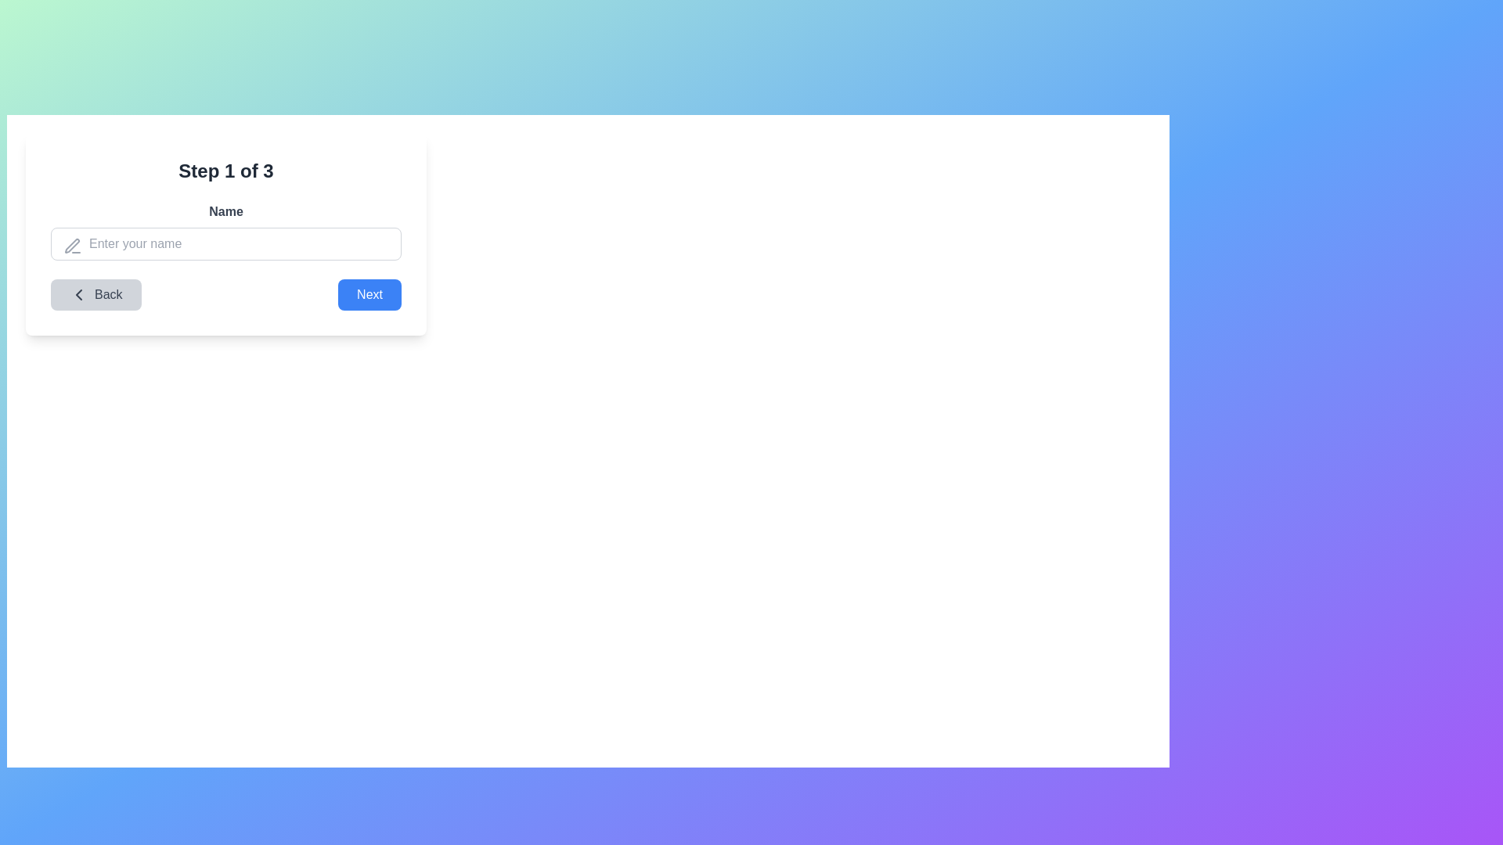 Image resolution: width=1503 pixels, height=845 pixels. I want to click on the chevron icon within the 'Back' button located at the bottom left area of the form card, so click(77, 295).